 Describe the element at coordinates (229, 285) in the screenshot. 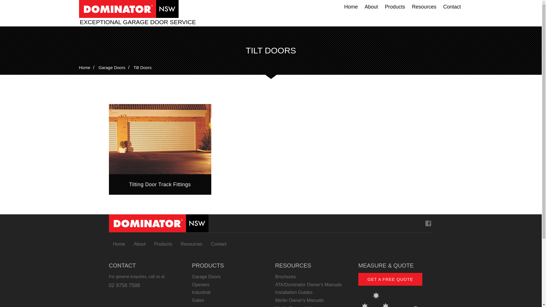

I see `'Openers'` at that location.